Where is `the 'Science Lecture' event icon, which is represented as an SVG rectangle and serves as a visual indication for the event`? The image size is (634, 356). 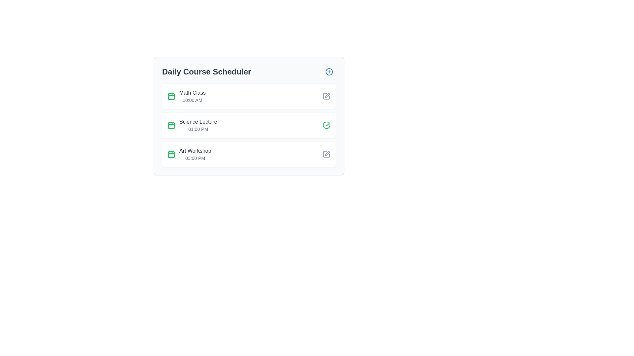
the 'Science Lecture' event icon, which is represented as an SVG rectangle and serves as a visual indication for the event is located at coordinates (171, 97).